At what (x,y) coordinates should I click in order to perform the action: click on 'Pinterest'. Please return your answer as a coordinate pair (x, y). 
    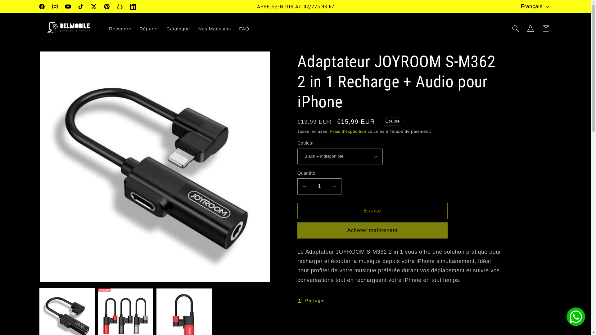
    Looking at the image, I should click on (100, 7).